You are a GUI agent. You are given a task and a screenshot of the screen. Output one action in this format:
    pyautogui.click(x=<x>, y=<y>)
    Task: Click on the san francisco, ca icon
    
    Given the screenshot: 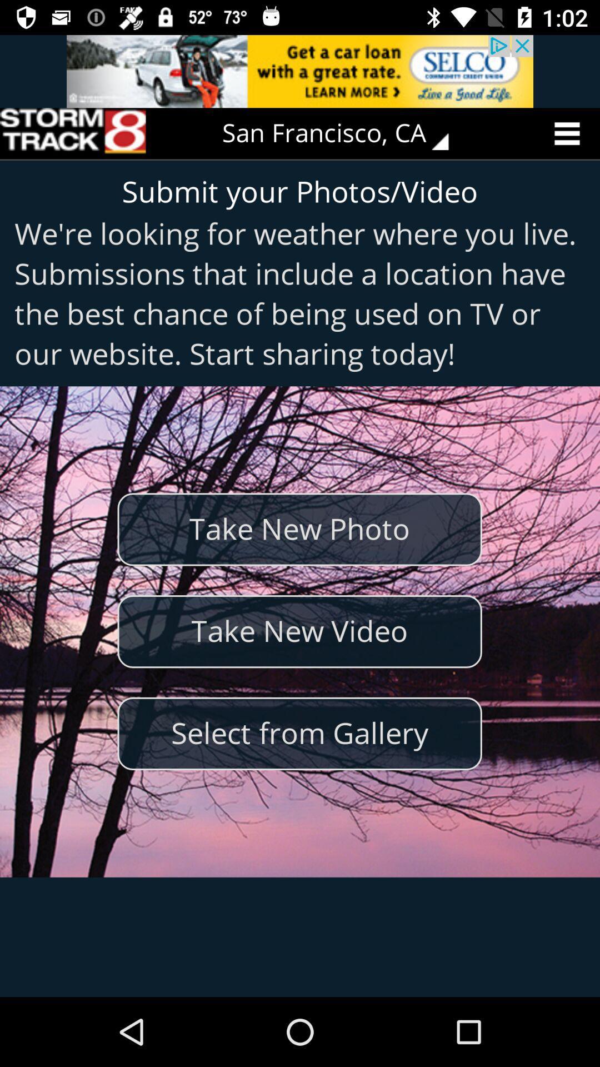 What is the action you would take?
    pyautogui.click(x=343, y=133)
    